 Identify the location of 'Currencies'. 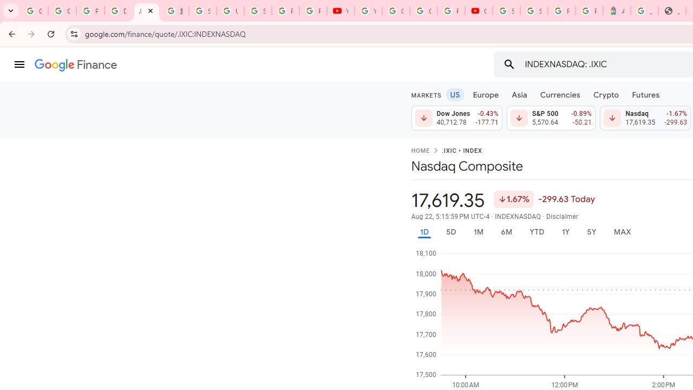
(560, 94).